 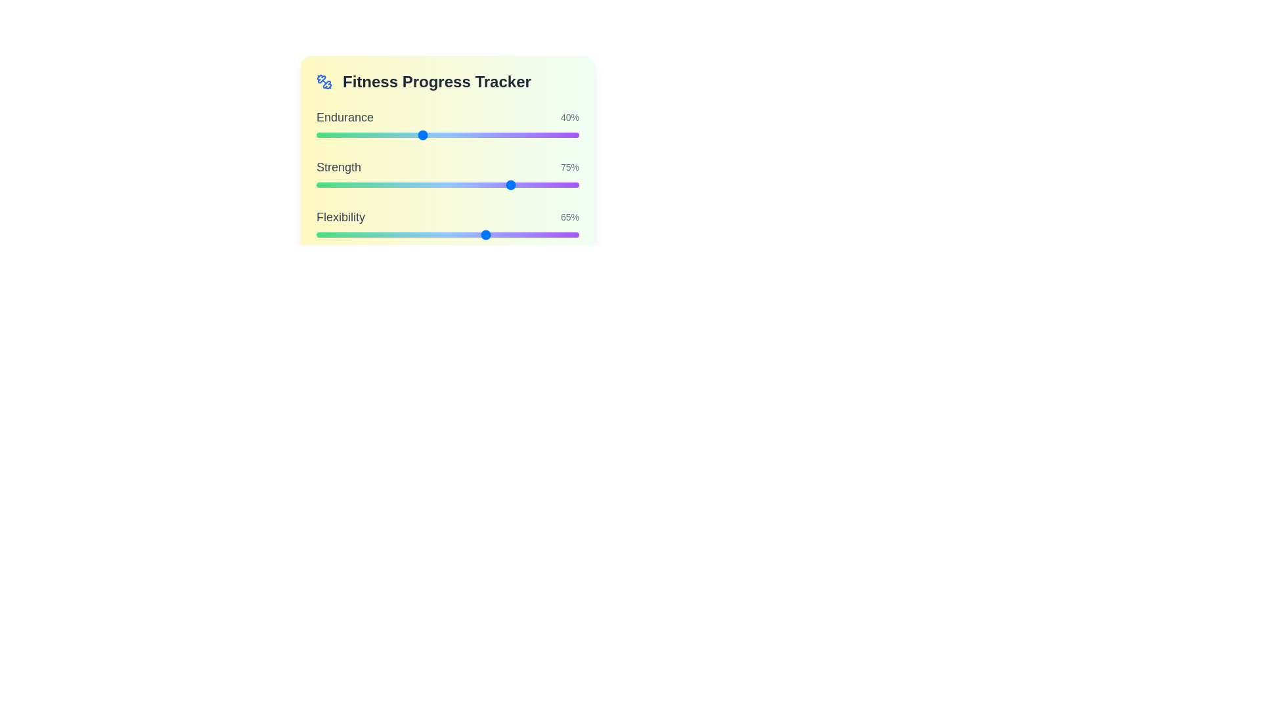 What do you see at coordinates (422, 135) in the screenshot?
I see `endurance` at bounding box center [422, 135].